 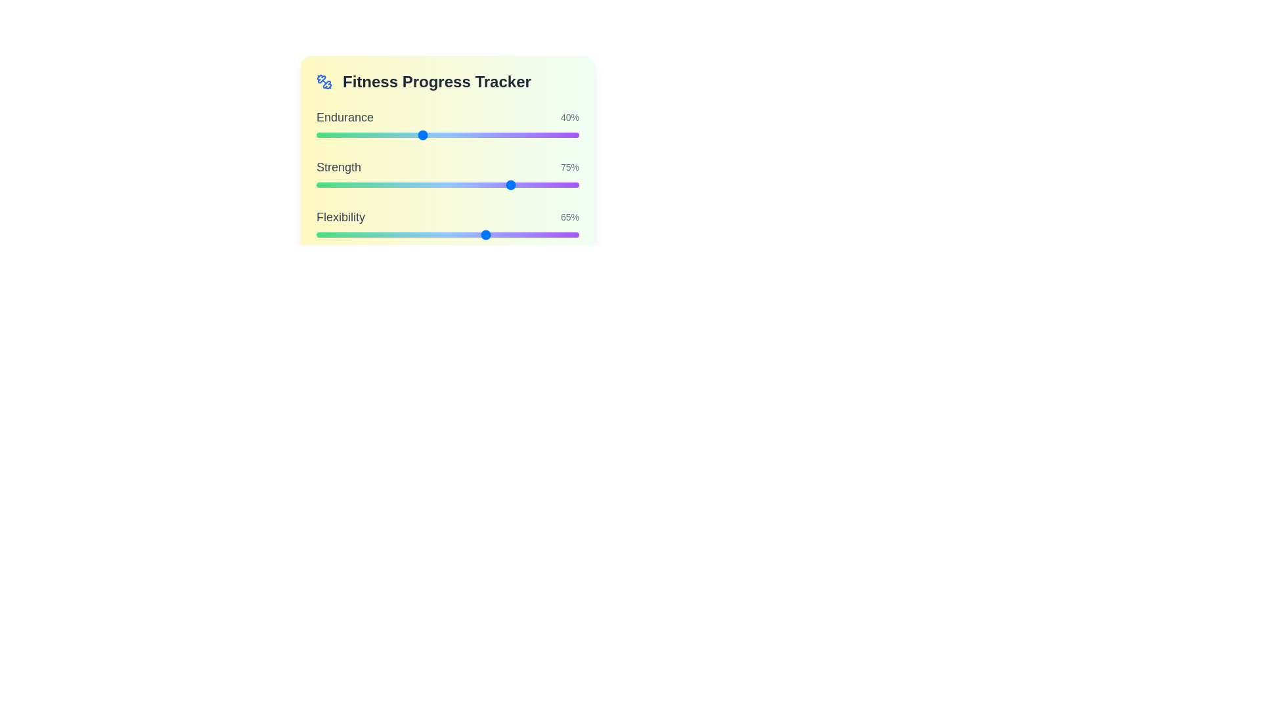 What do you see at coordinates (422, 135) in the screenshot?
I see `endurance` at bounding box center [422, 135].